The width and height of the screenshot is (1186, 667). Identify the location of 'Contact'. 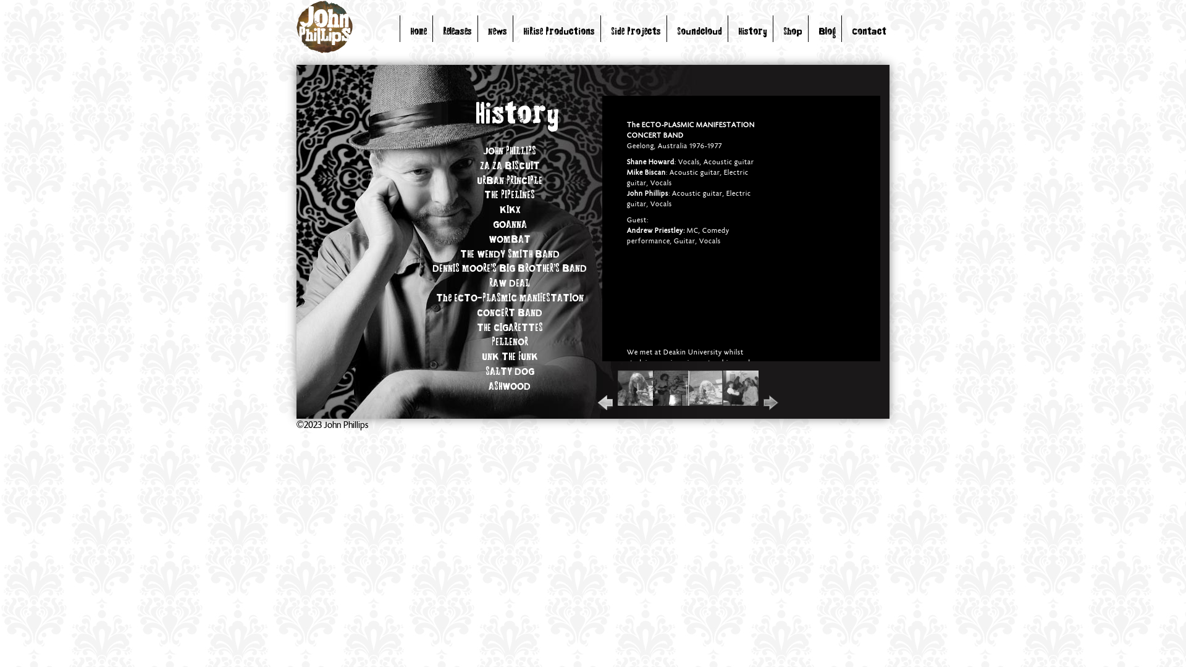
(868, 31).